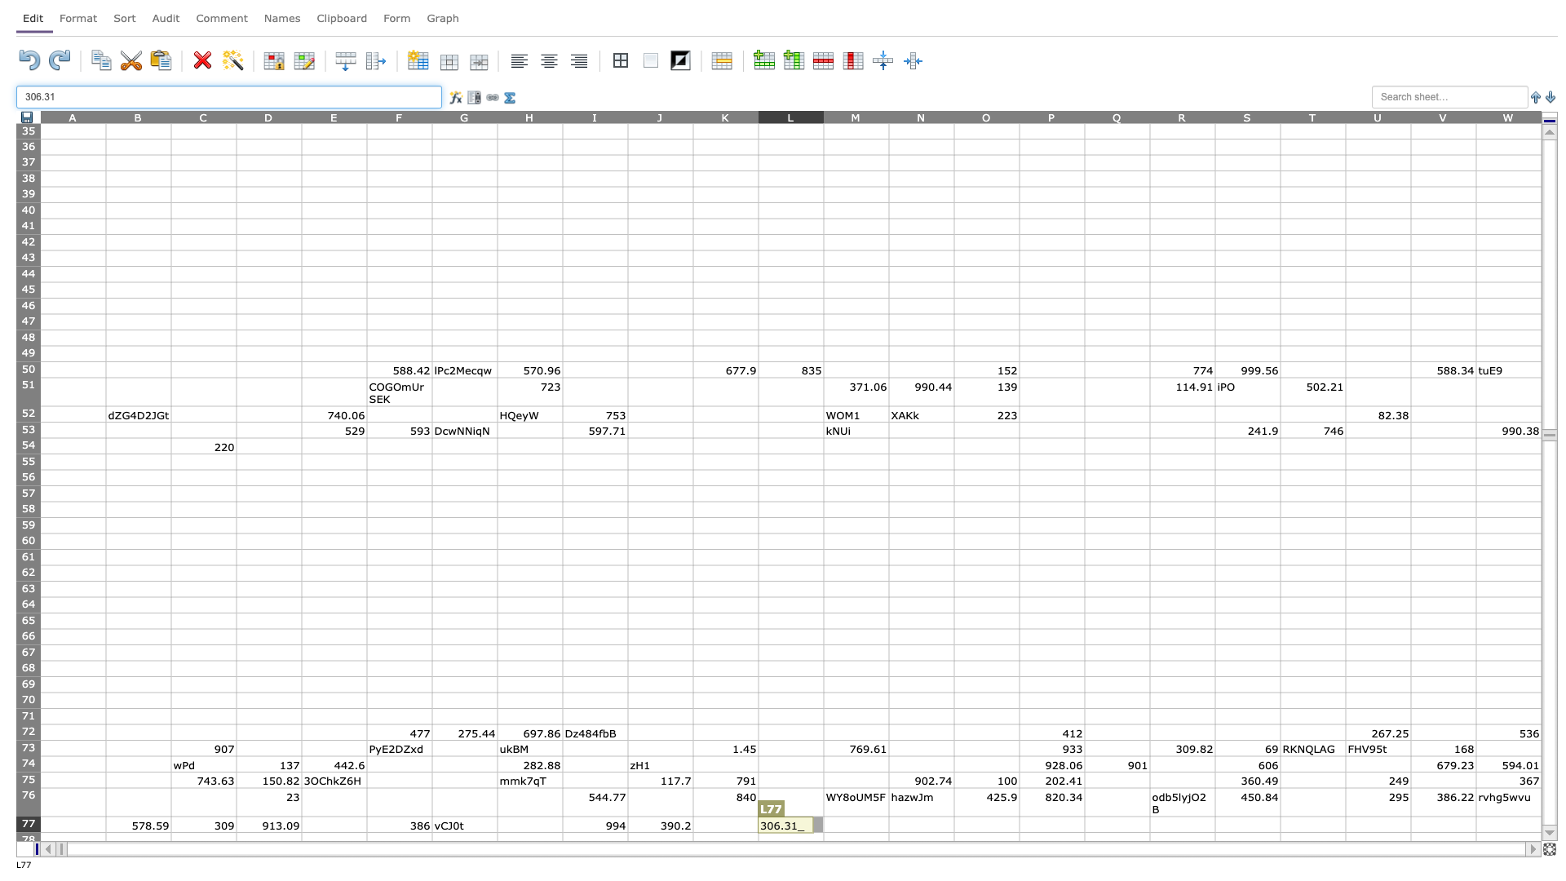 This screenshot has width=1566, height=881. What do you see at coordinates (823, 817) in the screenshot?
I see `top left corner of cell M77` at bounding box center [823, 817].